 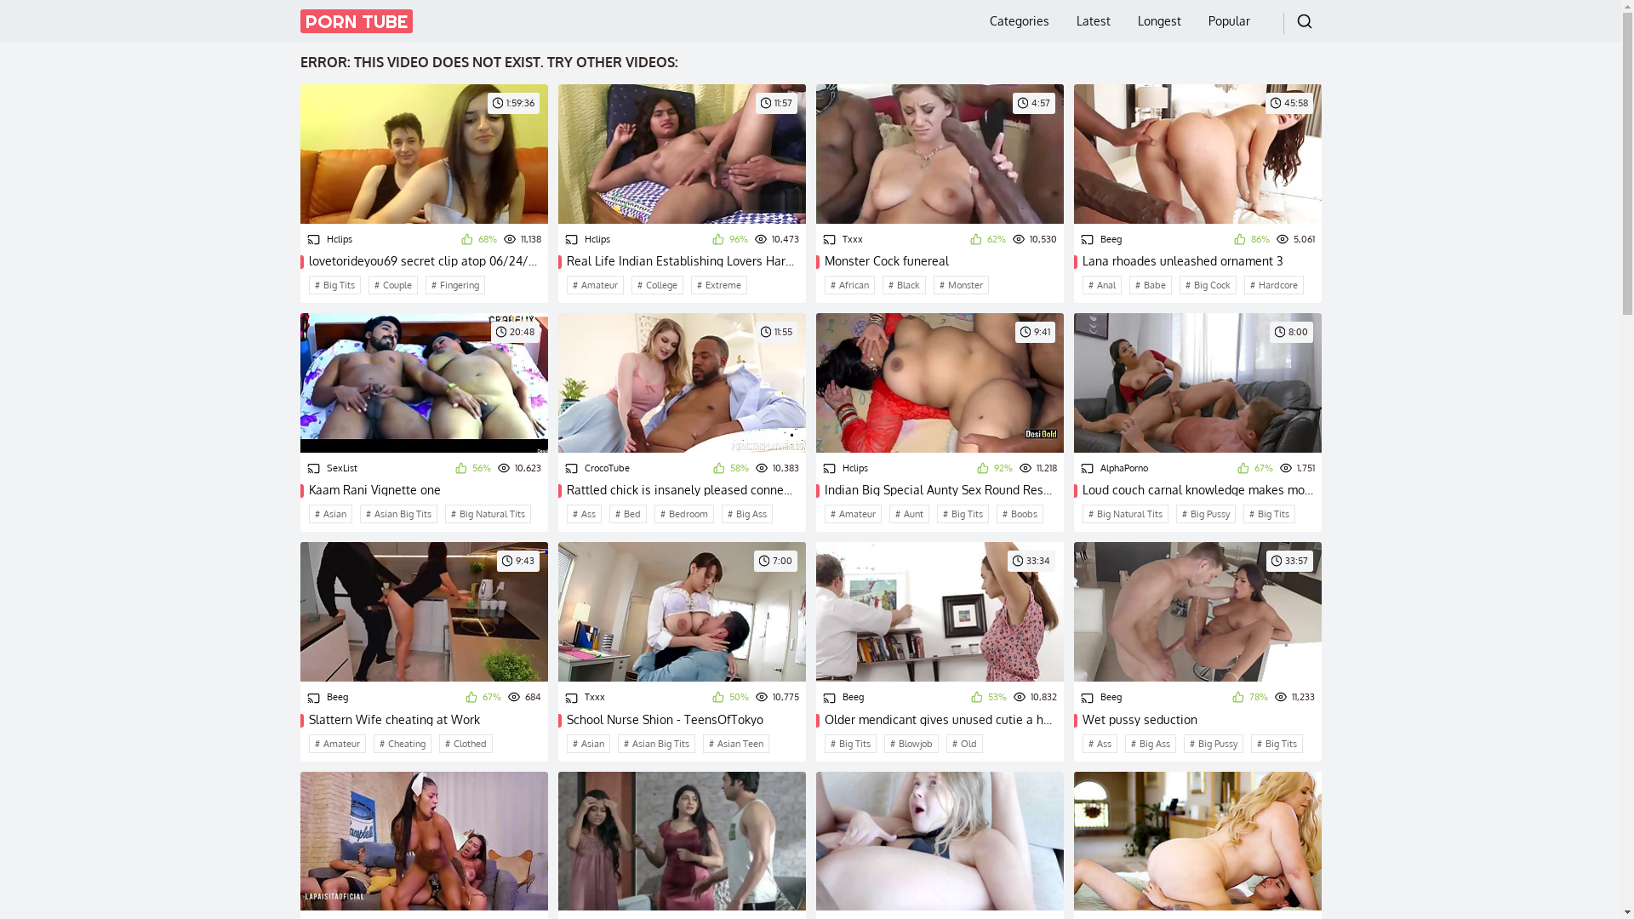 What do you see at coordinates (842, 239) in the screenshot?
I see `'Txxx'` at bounding box center [842, 239].